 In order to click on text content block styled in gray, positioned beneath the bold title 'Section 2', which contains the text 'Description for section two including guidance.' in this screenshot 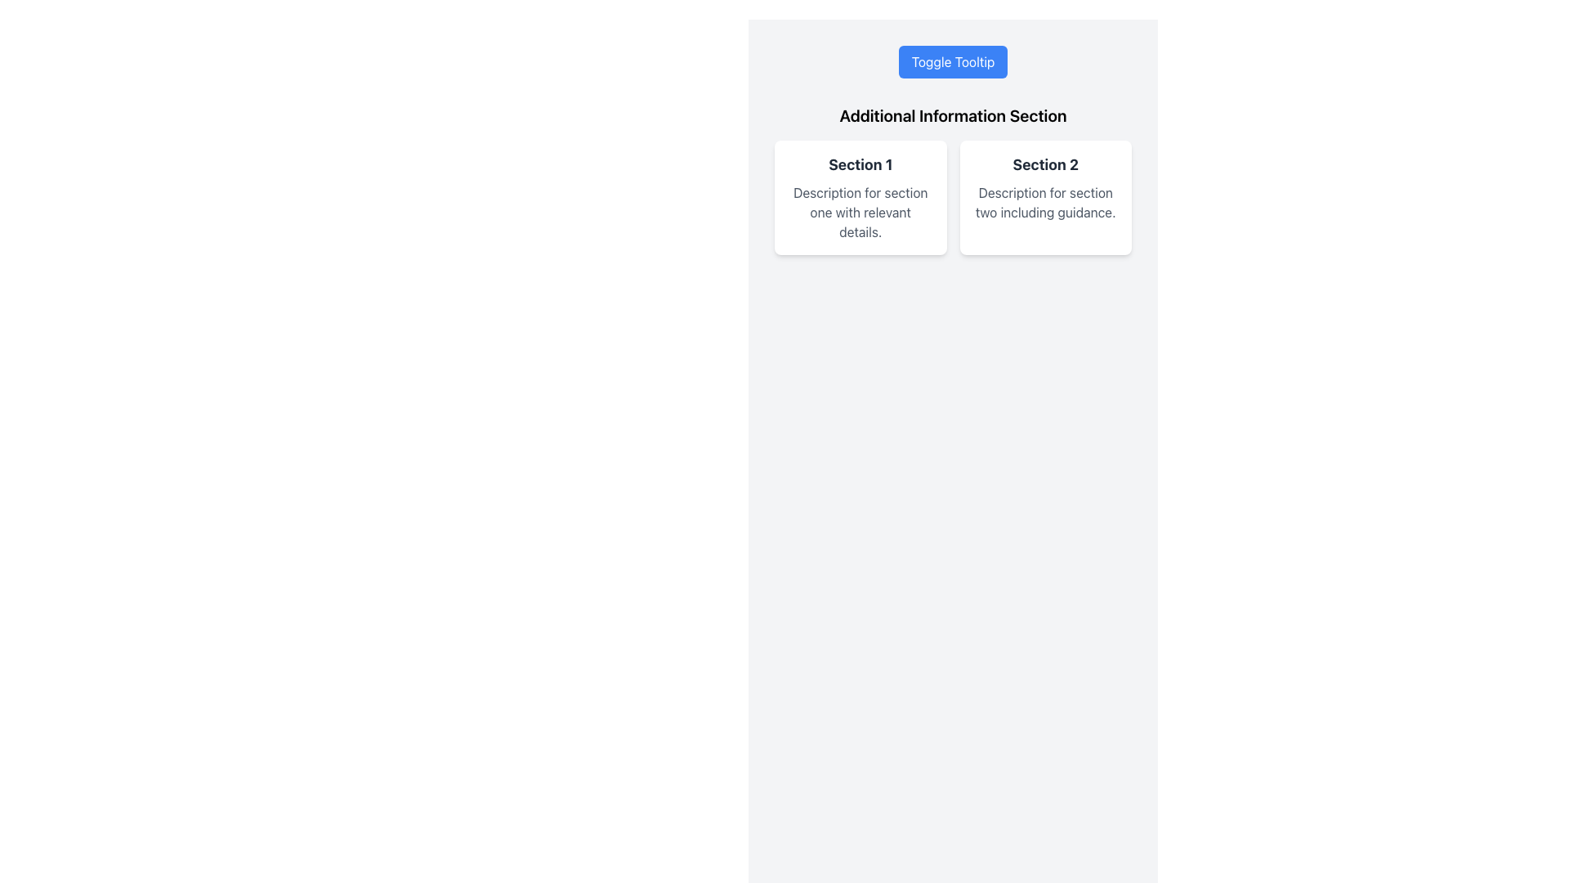, I will do `click(1044, 201)`.